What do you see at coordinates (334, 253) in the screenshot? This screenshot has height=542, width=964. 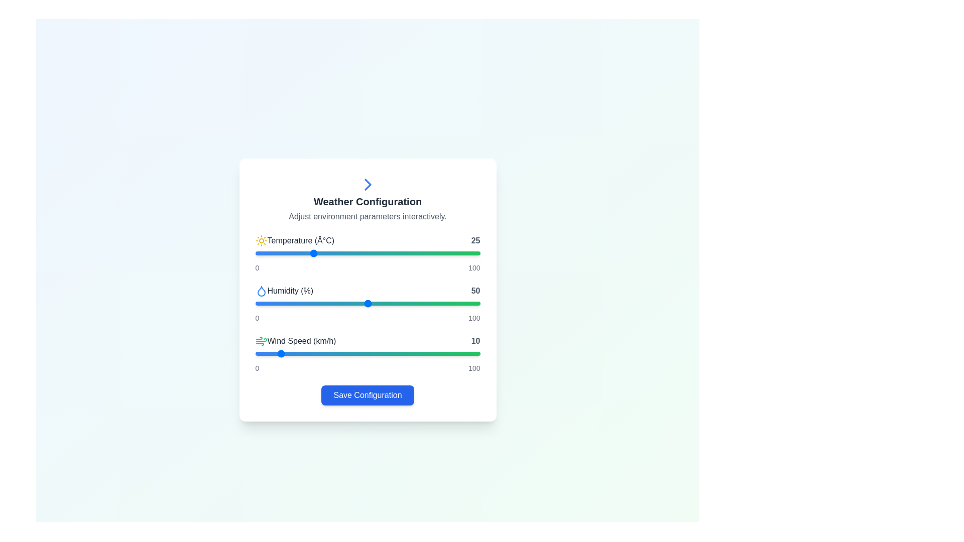 I see `slider value` at bounding box center [334, 253].